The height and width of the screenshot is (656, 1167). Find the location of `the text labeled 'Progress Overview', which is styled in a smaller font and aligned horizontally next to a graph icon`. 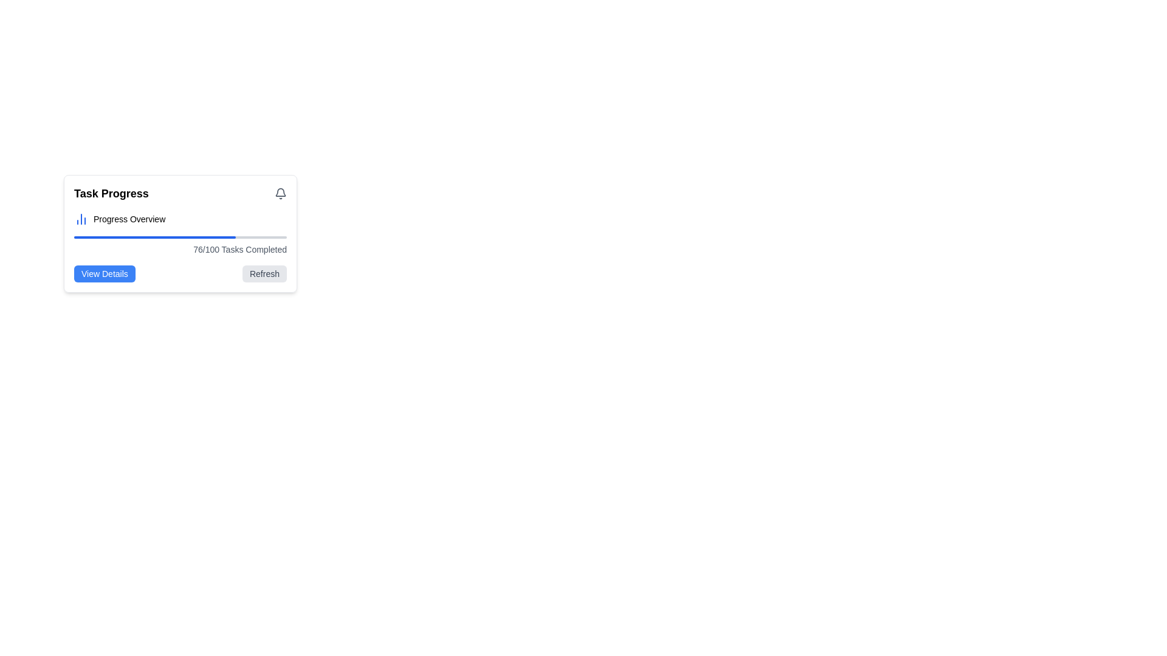

the text labeled 'Progress Overview', which is styled in a smaller font and aligned horizontally next to a graph icon is located at coordinates (129, 219).